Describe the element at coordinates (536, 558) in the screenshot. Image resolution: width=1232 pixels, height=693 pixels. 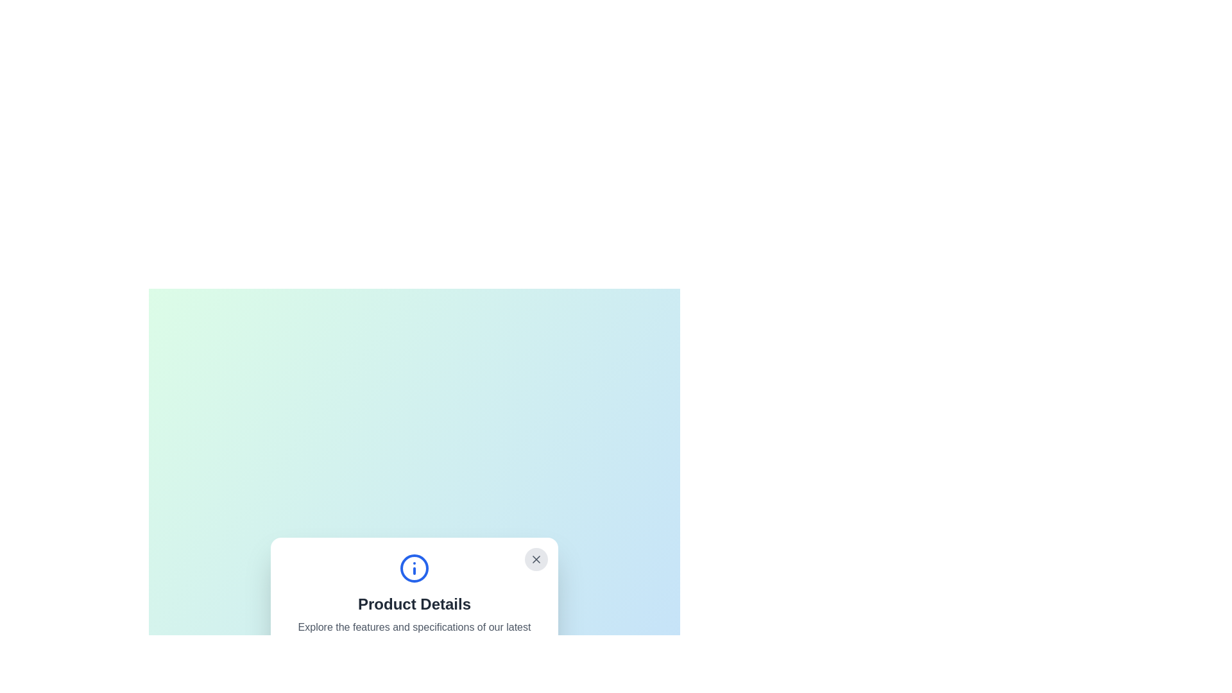
I see `the circular button with a centered 'X' icon in the top-right corner of the modal` at that location.